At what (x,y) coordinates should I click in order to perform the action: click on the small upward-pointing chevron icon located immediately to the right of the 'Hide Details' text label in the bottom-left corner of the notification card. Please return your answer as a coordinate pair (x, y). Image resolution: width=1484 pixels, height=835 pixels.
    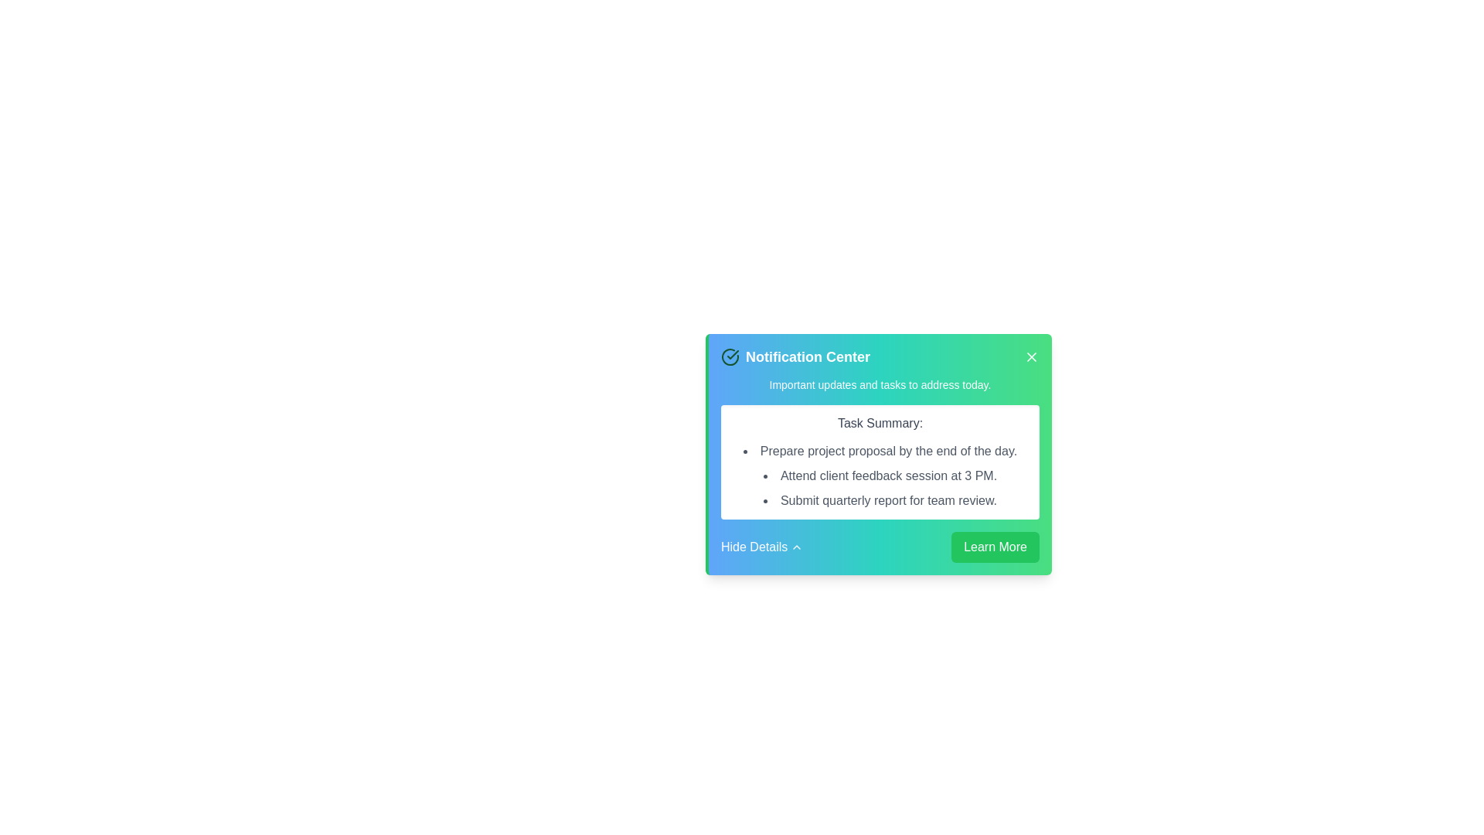
    Looking at the image, I should click on (797, 547).